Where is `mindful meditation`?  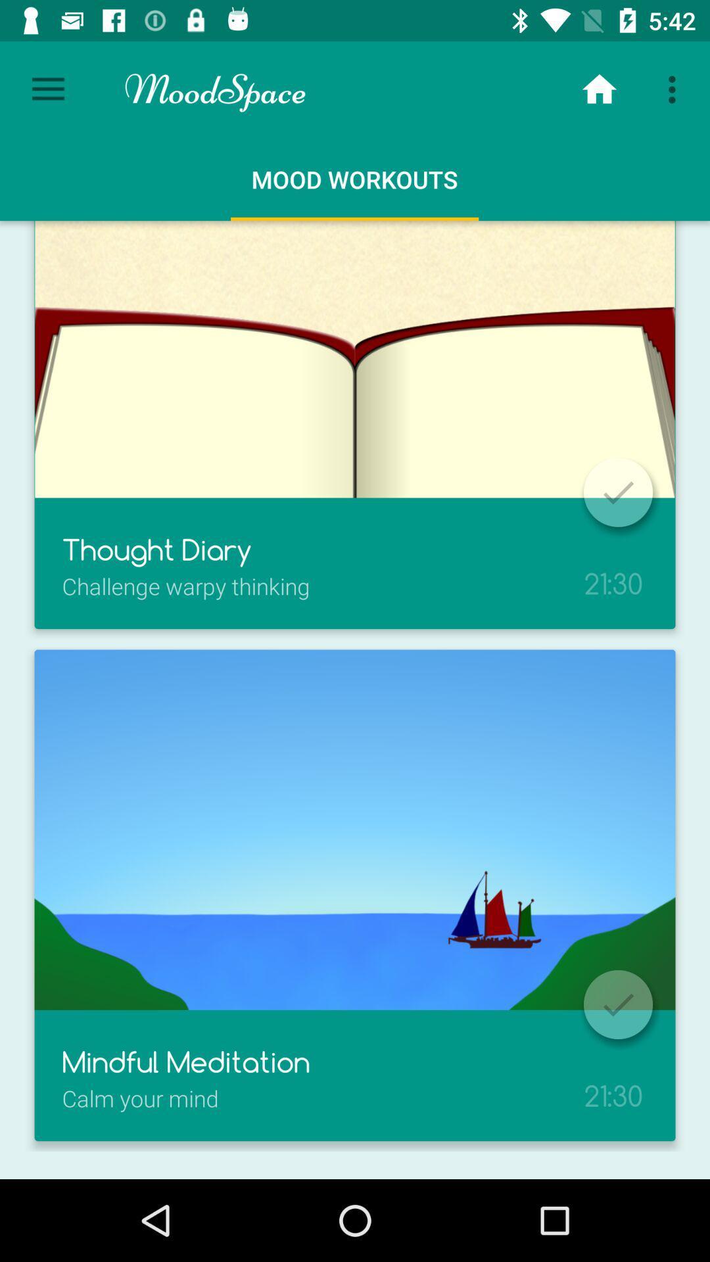 mindful meditation is located at coordinates (618, 1004).